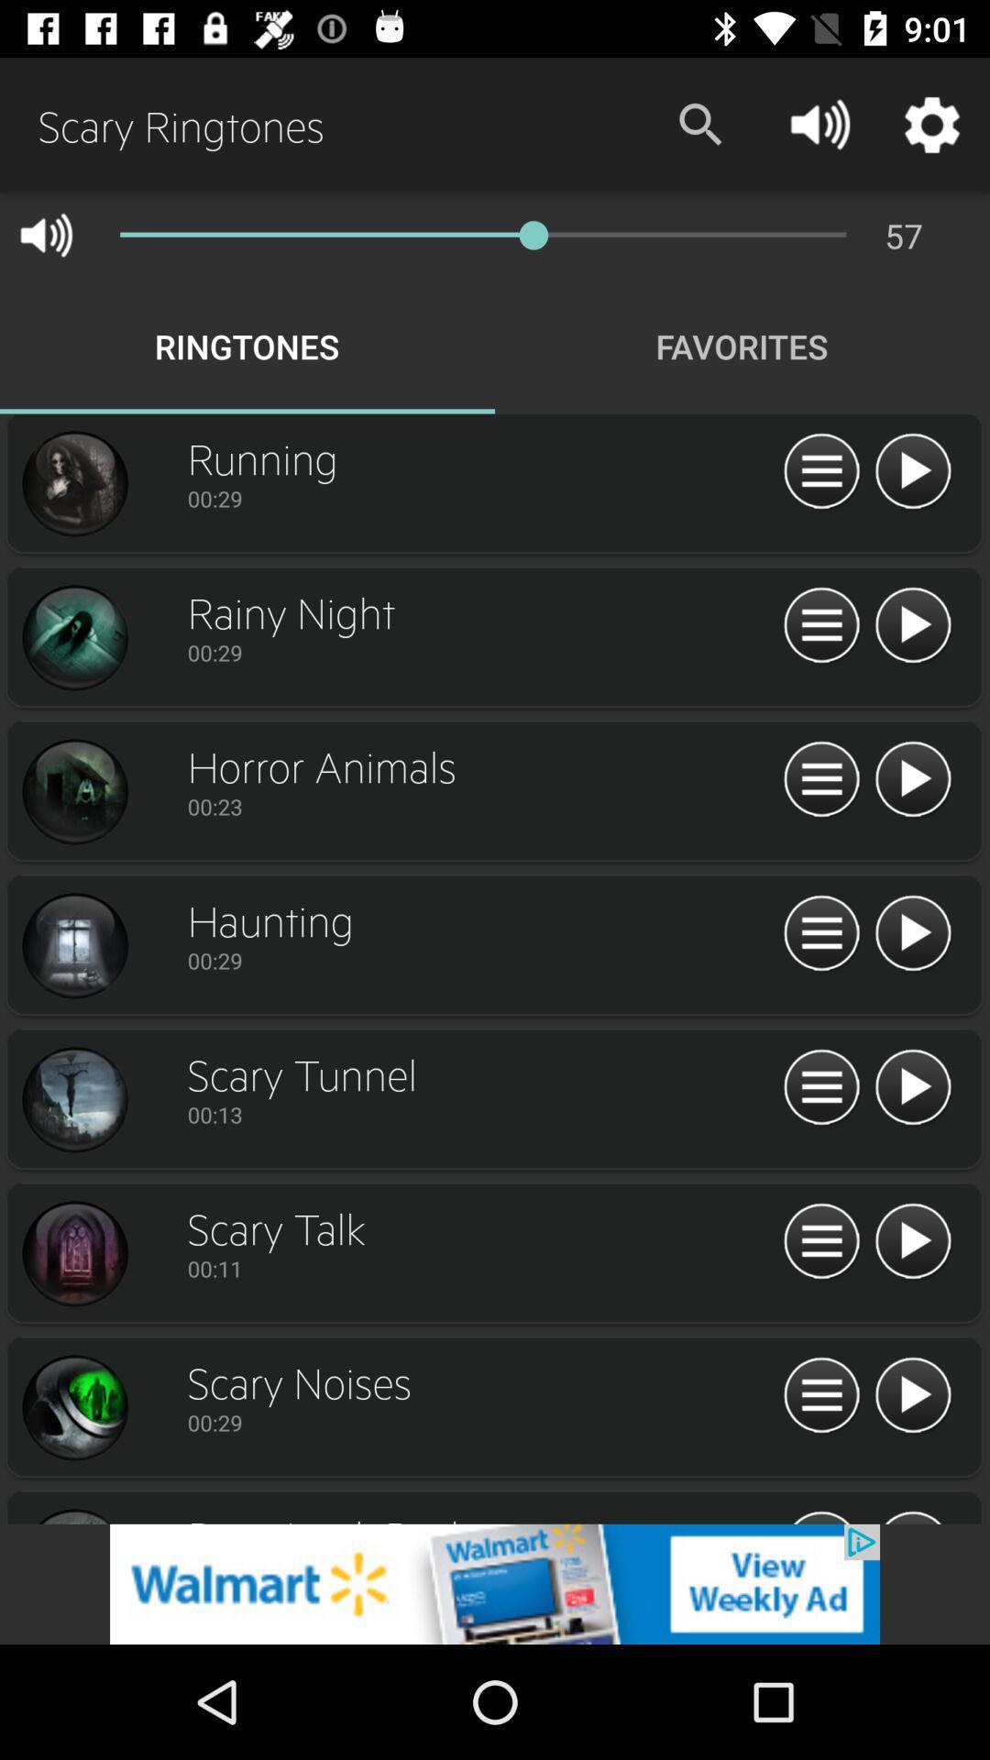 This screenshot has width=990, height=1760. Describe the element at coordinates (820, 1242) in the screenshot. I see `menu option` at that location.